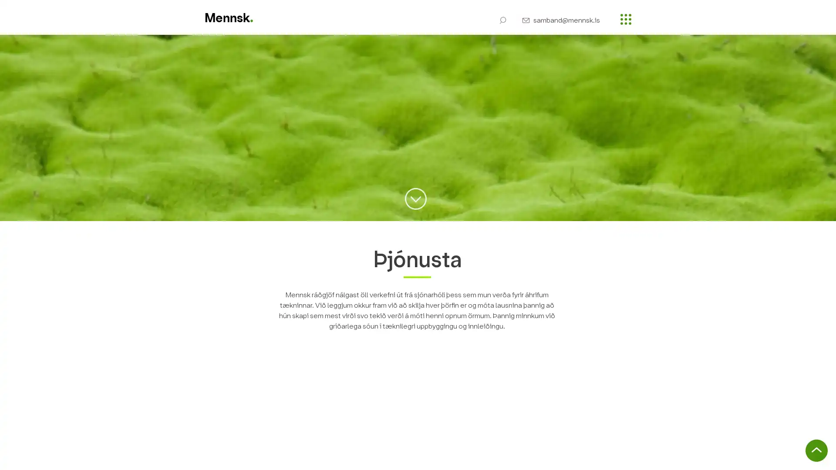 The width and height of the screenshot is (836, 470). What do you see at coordinates (794, 456) in the screenshot?
I see `Allt i gou` at bounding box center [794, 456].